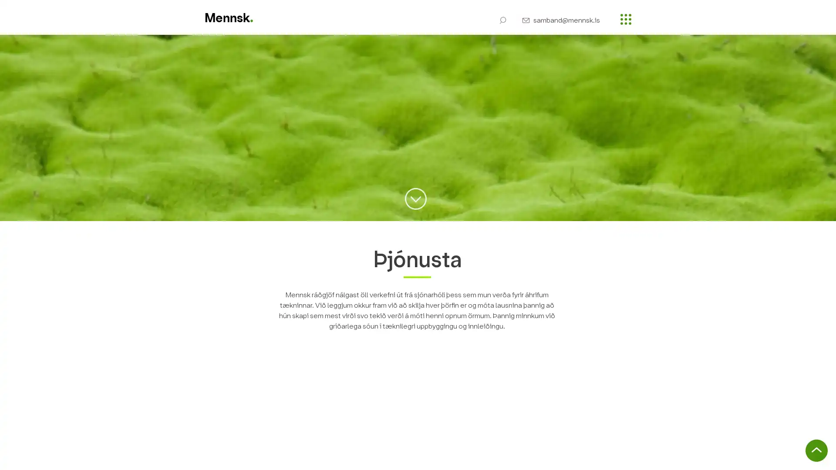 The width and height of the screenshot is (836, 470). What do you see at coordinates (794, 456) in the screenshot?
I see `Allt i gou` at bounding box center [794, 456].